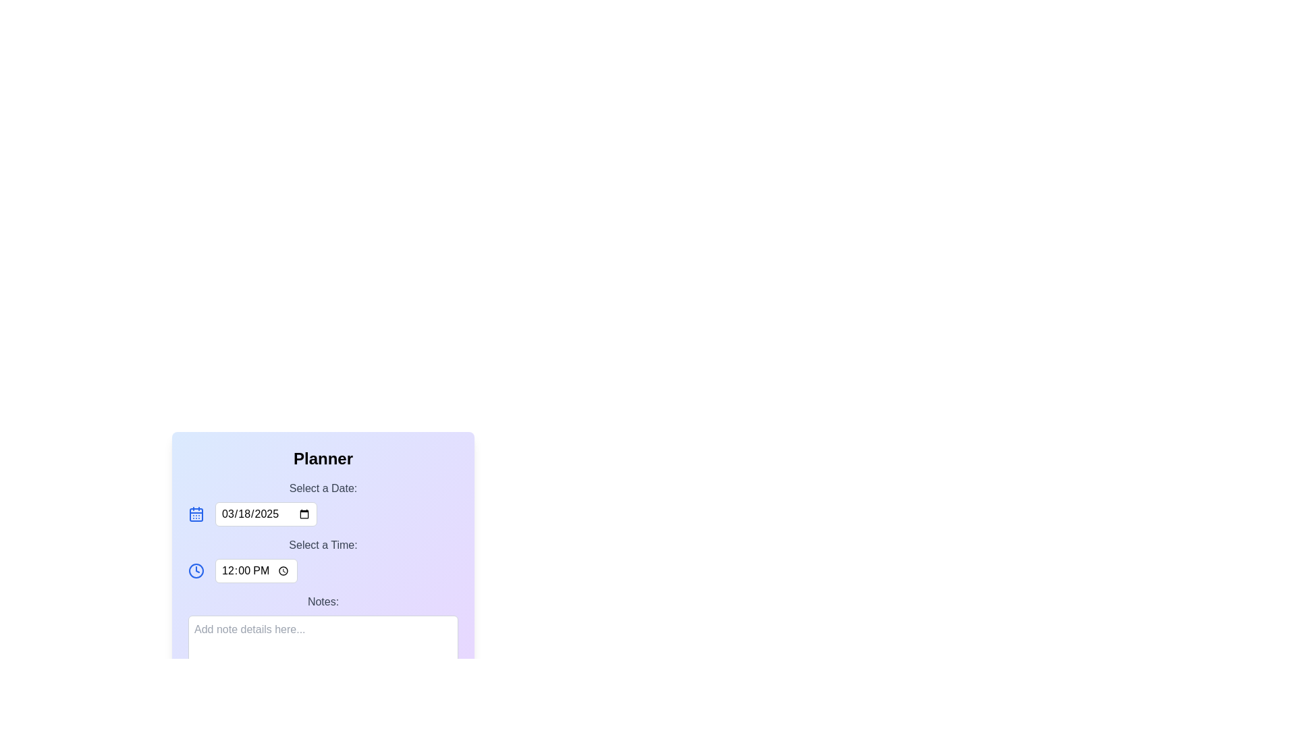 The width and height of the screenshot is (1296, 729). Describe the element at coordinates (323, 544) in the screenshot. I see `the label that displays the text 'Select a Time:' styled in gray font, positioned above the time selection interface` at that location.